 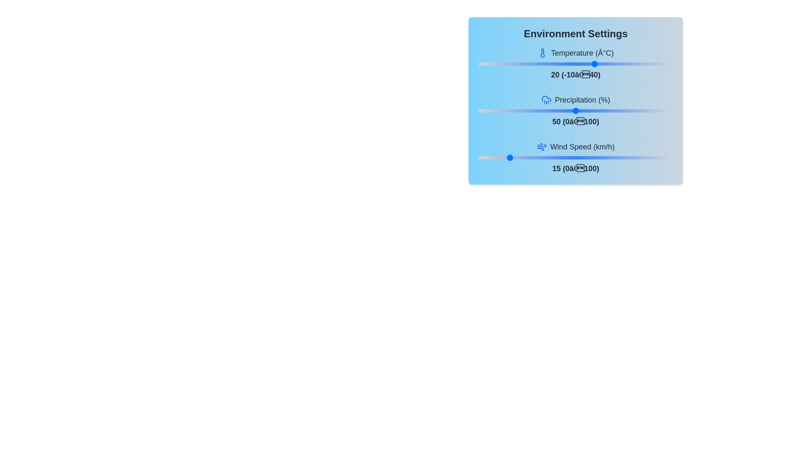 What do you see at coordinates (542, 53) in the screenshot?
I see `the red thermometer icon located in the top-left corner of the environment settings, next to the 'Temperature (°C)' label` at bounding box center [542, 53].